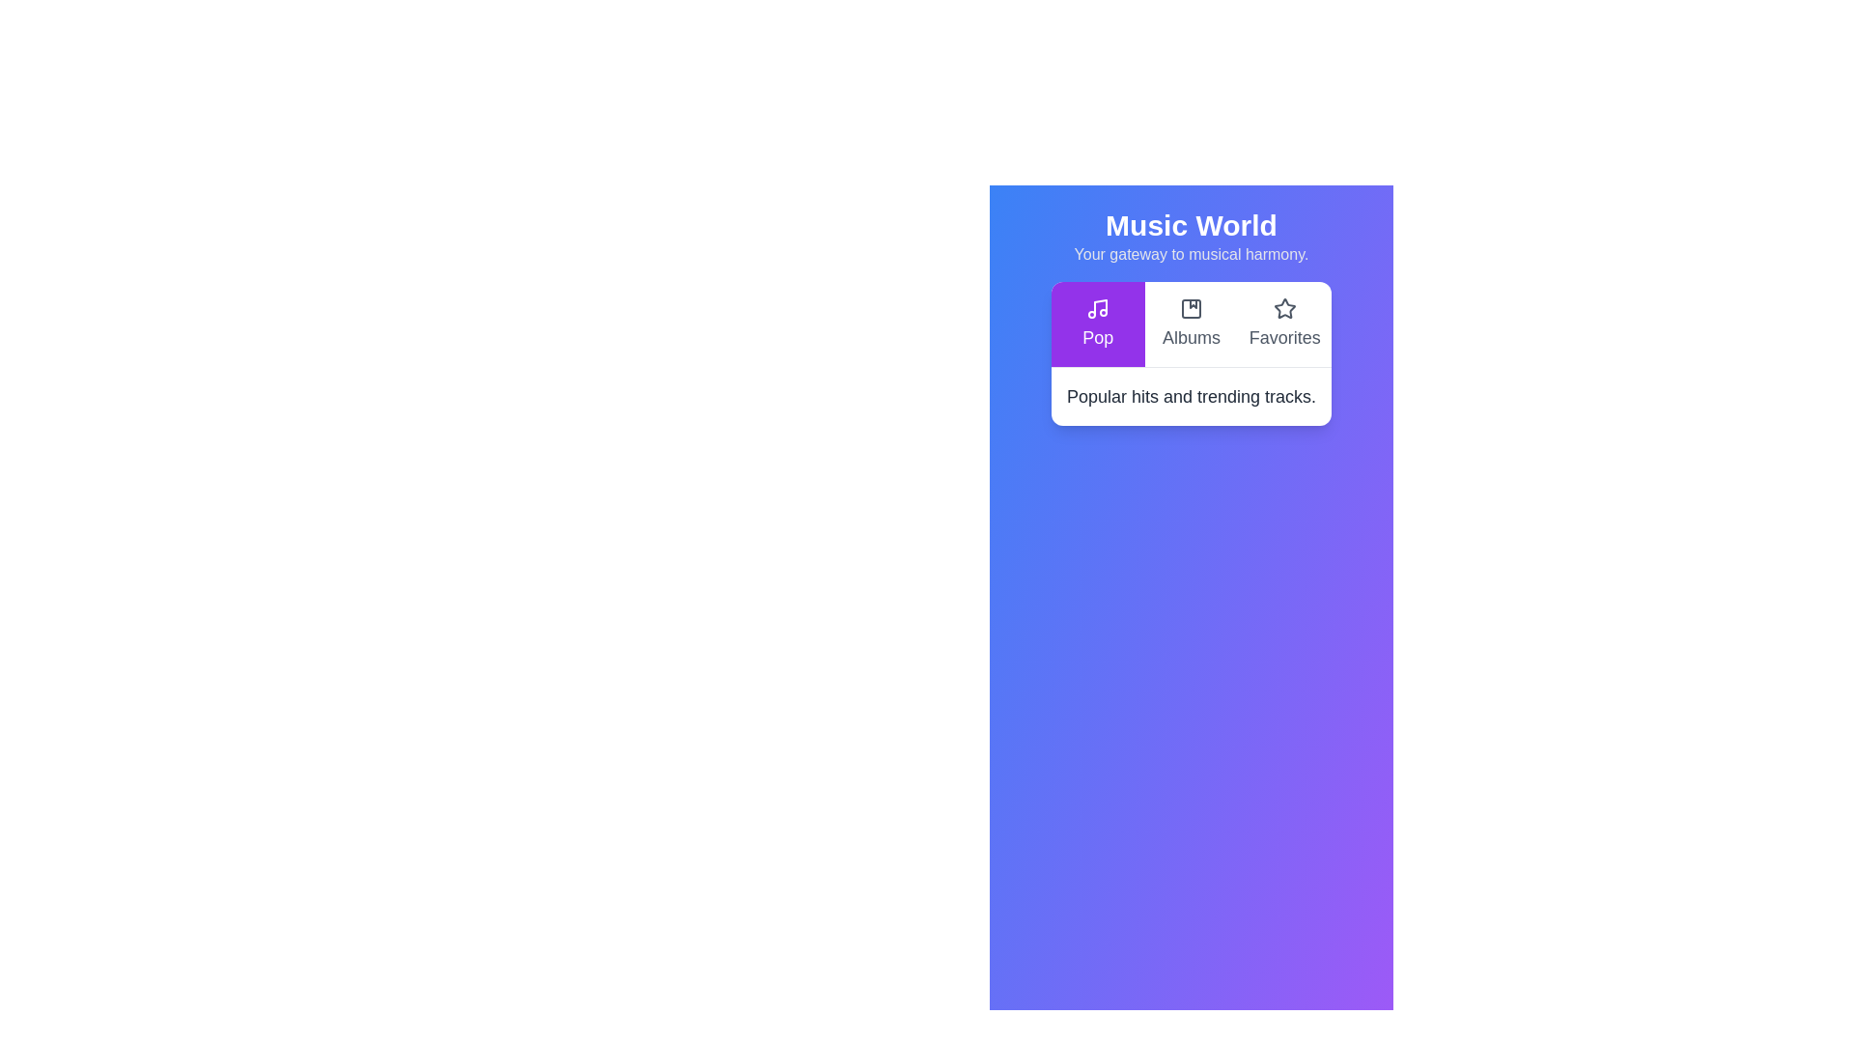 The height and width of the screenshot is (1043, 1854). I want to click on the Favorites tab to view its content, so click(1284, 323).